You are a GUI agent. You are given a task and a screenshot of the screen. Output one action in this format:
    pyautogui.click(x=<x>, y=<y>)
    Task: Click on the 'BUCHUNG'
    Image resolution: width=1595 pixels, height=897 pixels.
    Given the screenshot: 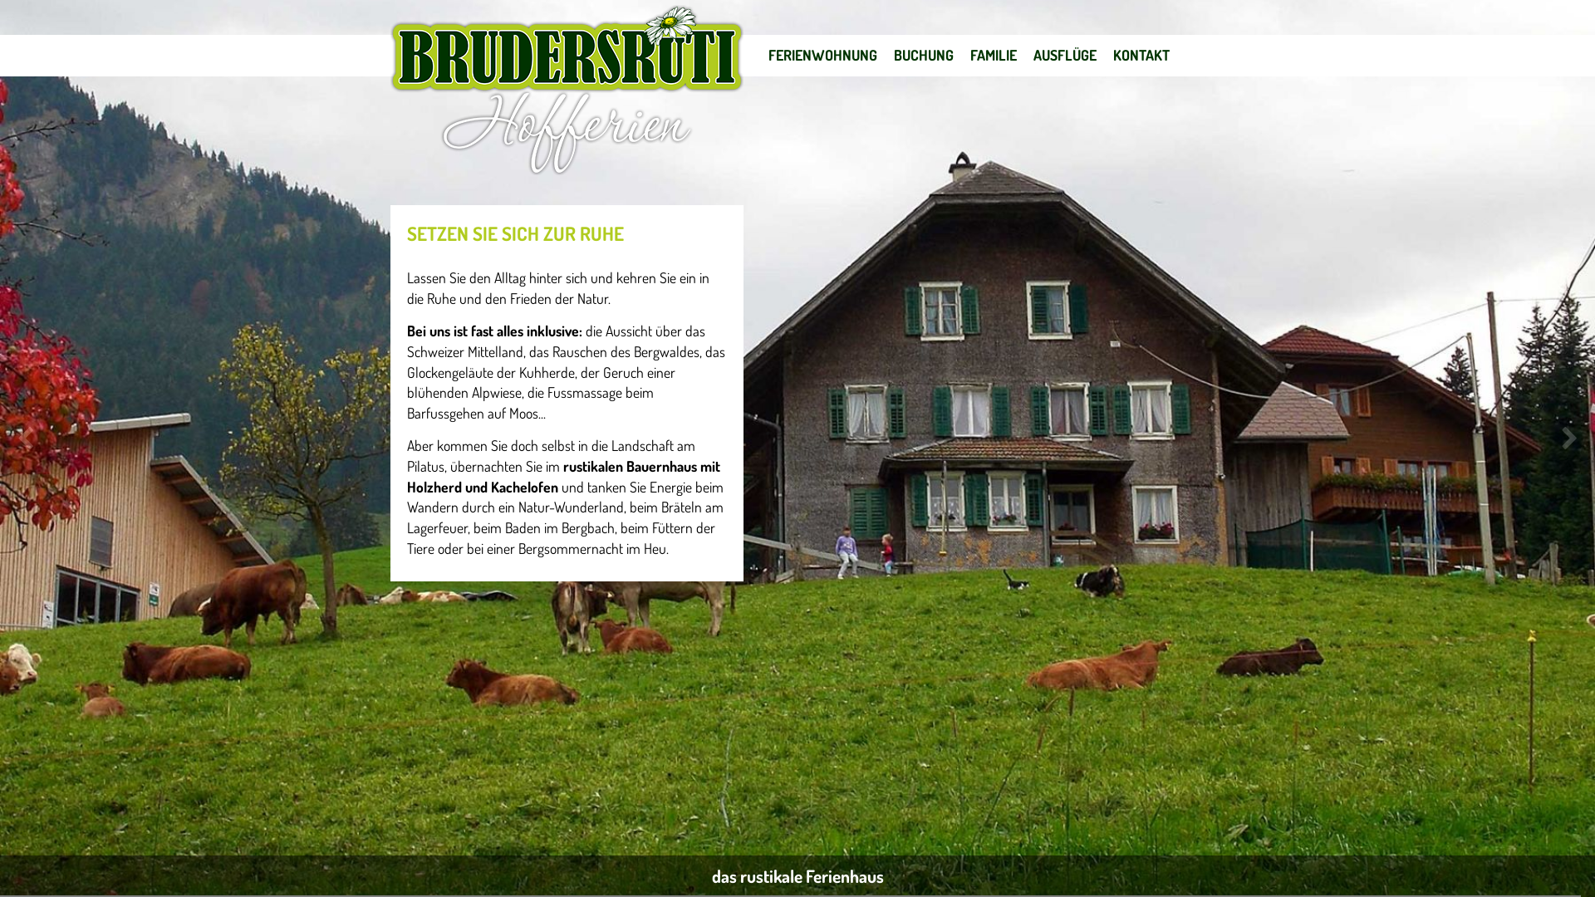 What is the action you would take?
    pyautogui.click(x=923, y=53)
    